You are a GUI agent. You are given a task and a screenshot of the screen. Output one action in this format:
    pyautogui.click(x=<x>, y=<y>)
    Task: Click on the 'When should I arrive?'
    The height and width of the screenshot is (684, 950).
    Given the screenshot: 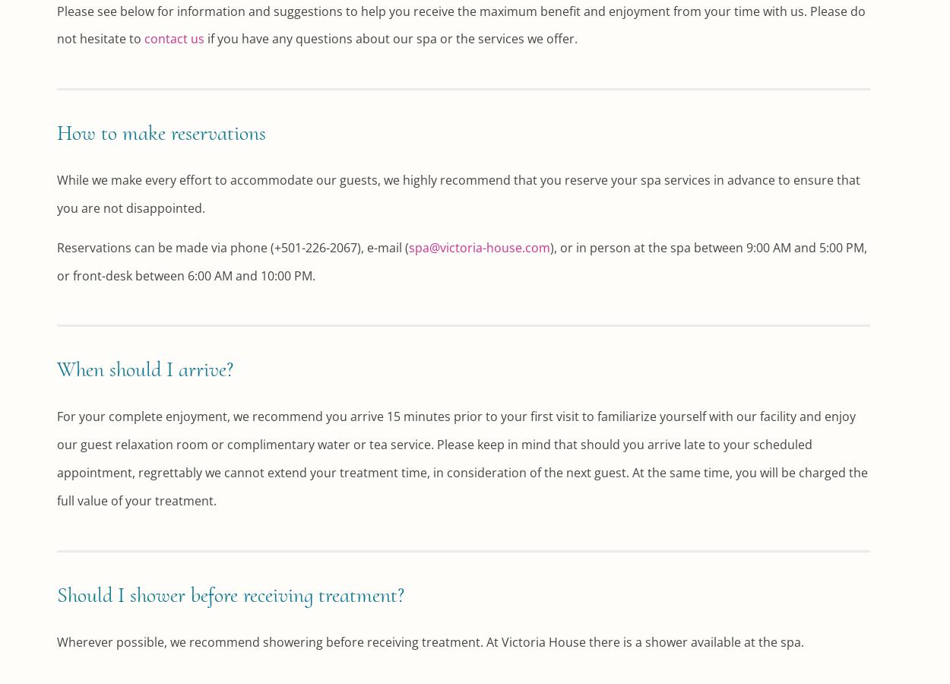 What is the action you would take?
    pyautogui.click(x=144, y=369)
    